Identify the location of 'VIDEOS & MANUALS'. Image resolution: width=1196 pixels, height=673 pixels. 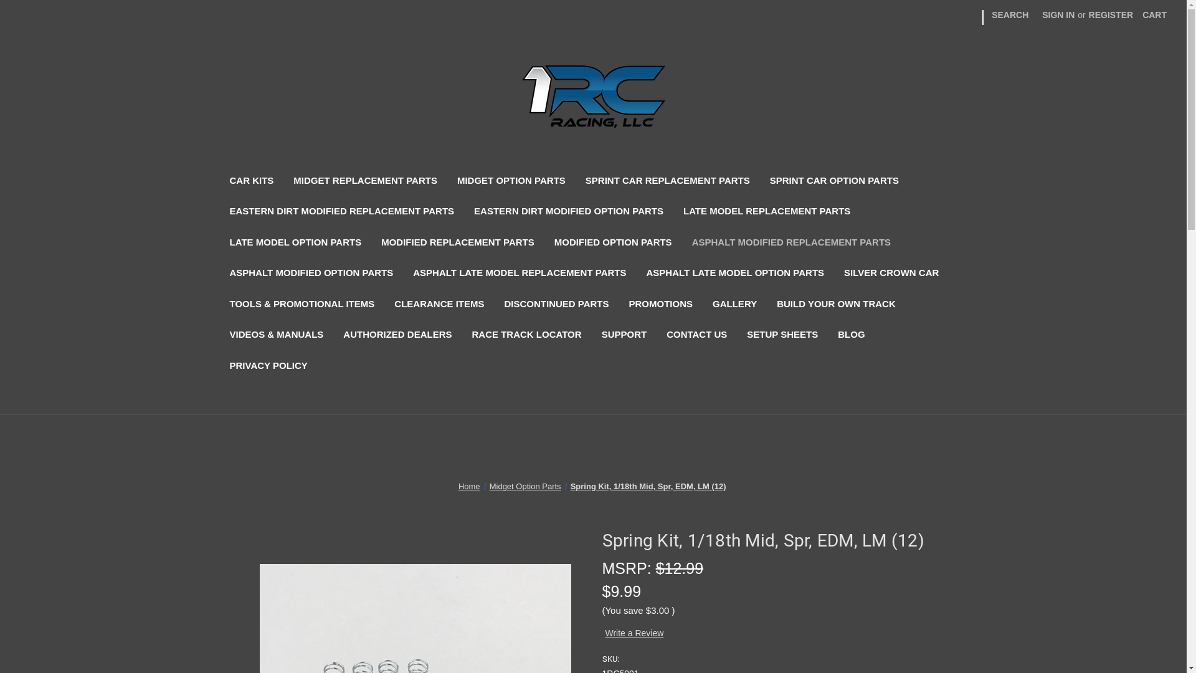
(275, 335).